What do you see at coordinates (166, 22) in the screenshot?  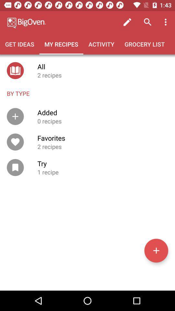 I see `the icon above the grocery list` at bounding box center [166, 22].